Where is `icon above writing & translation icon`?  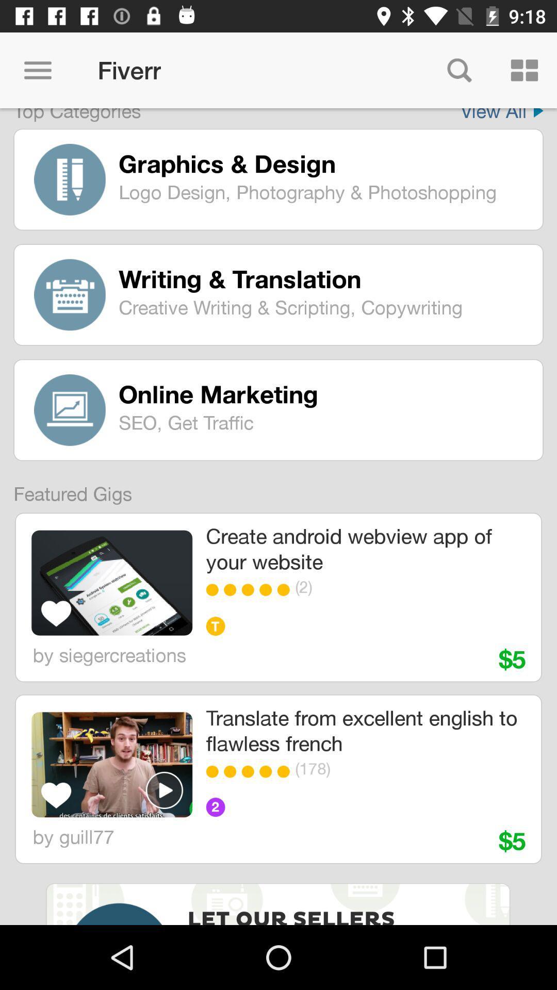 icon above writing & translation icon is located at coordinates (323, 192).